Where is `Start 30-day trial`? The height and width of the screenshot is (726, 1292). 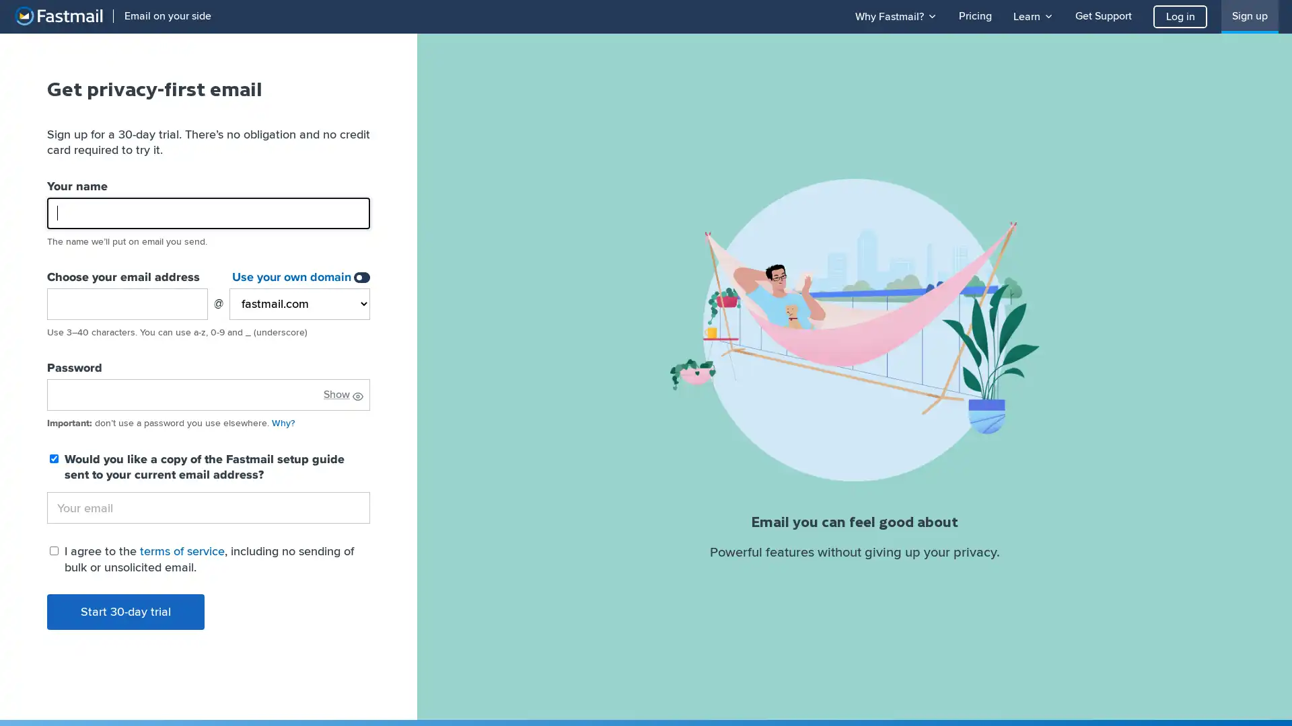
Start 30-day trial is located at coordinates (126, 612).